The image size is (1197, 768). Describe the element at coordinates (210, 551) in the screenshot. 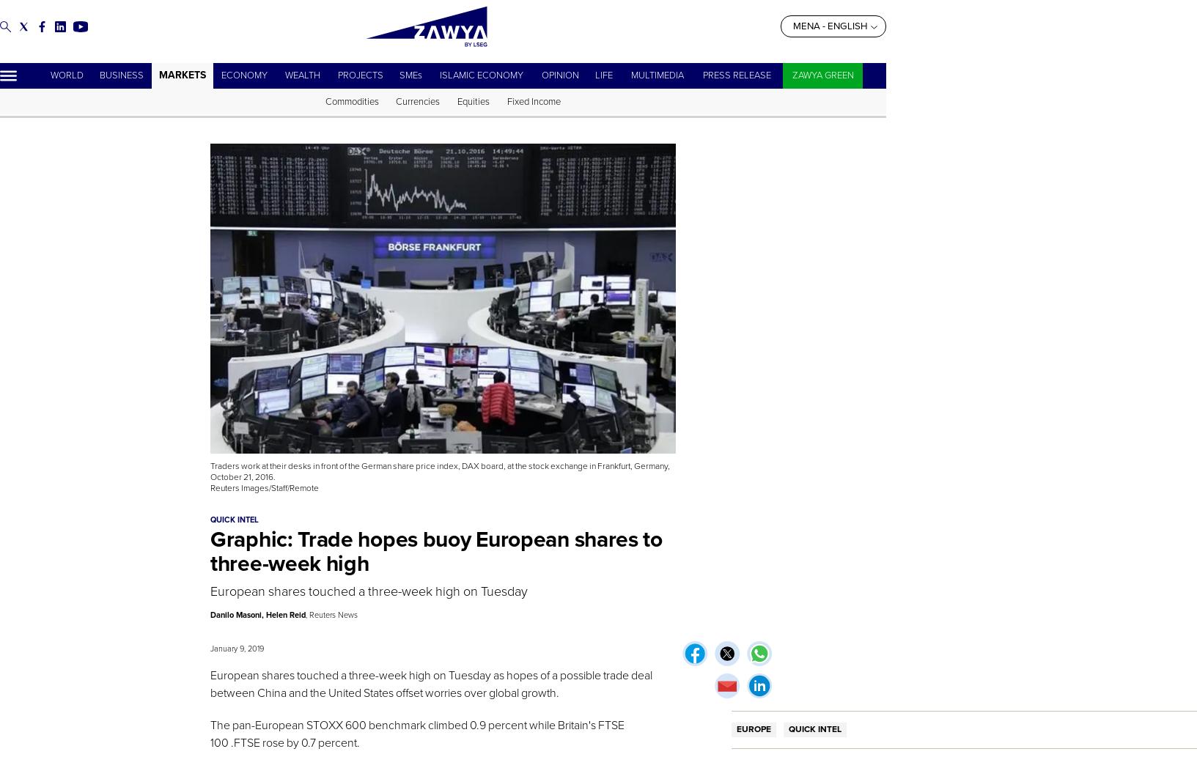

I see `'Graphic: Trade hopes buoy European shares to three-week high'` at that location.